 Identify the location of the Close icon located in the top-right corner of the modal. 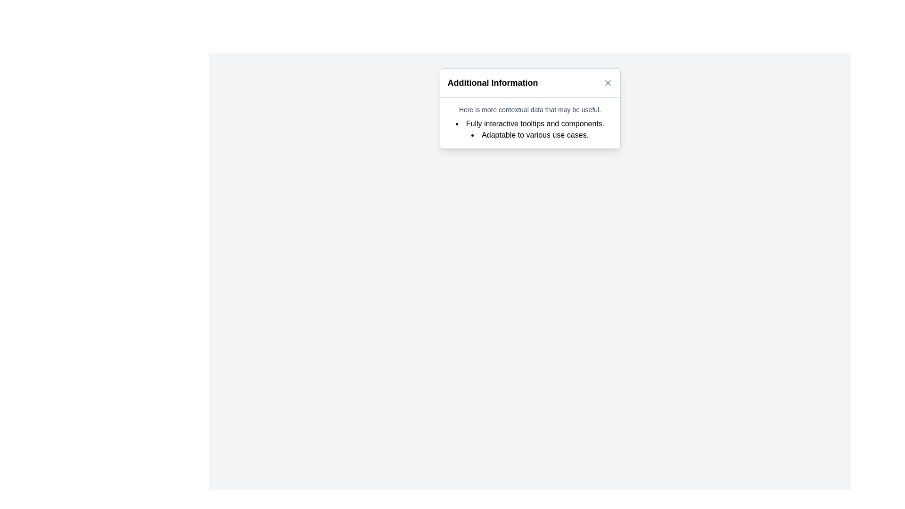
(608, 82).